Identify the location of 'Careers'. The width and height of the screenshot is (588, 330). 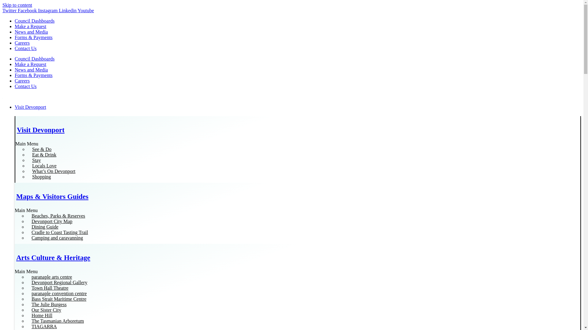
(22, 42).